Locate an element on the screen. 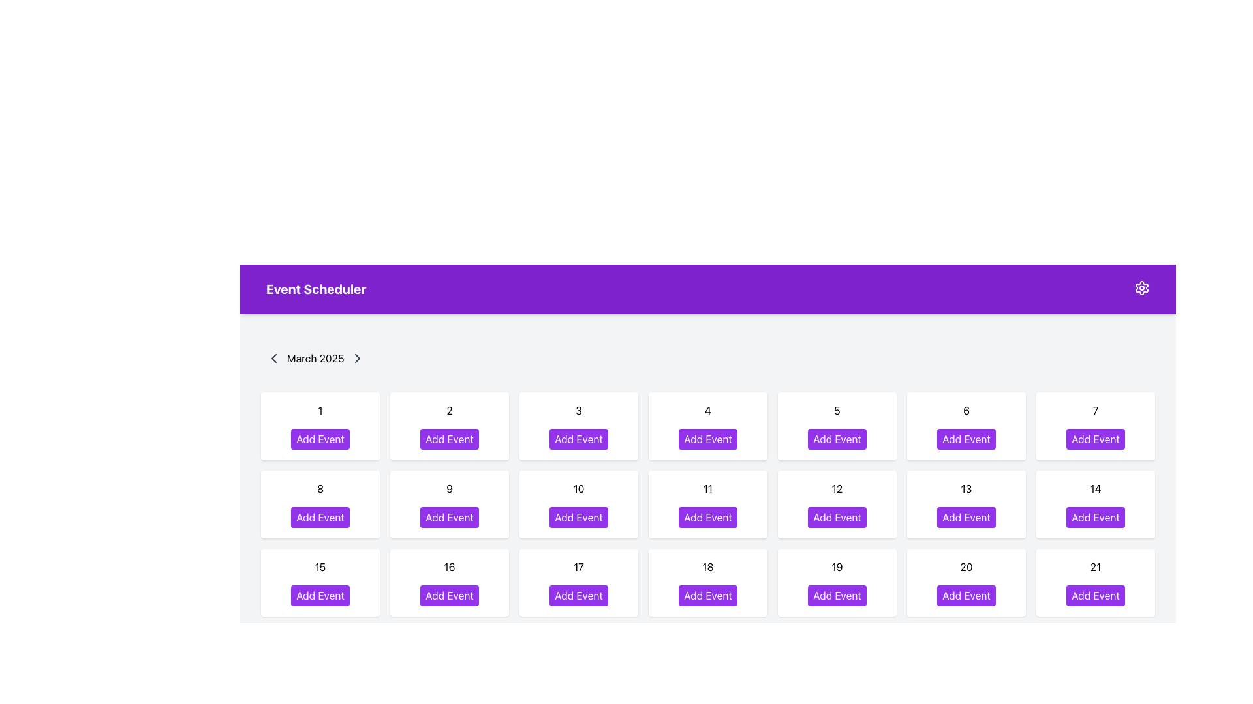 This screenshot has width=1253, height=704. the 'Add Event' button located under the date '14' in the calendar interface is located at coordinates (1096, 517).